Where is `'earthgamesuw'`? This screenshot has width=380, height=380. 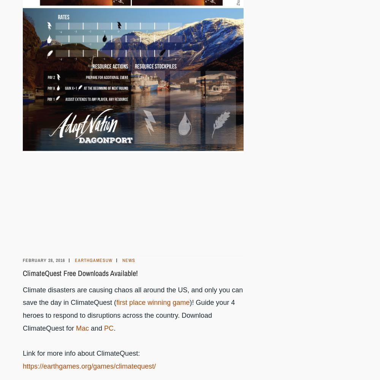 'earthgamesuw' is located at coordinates (93, 260).